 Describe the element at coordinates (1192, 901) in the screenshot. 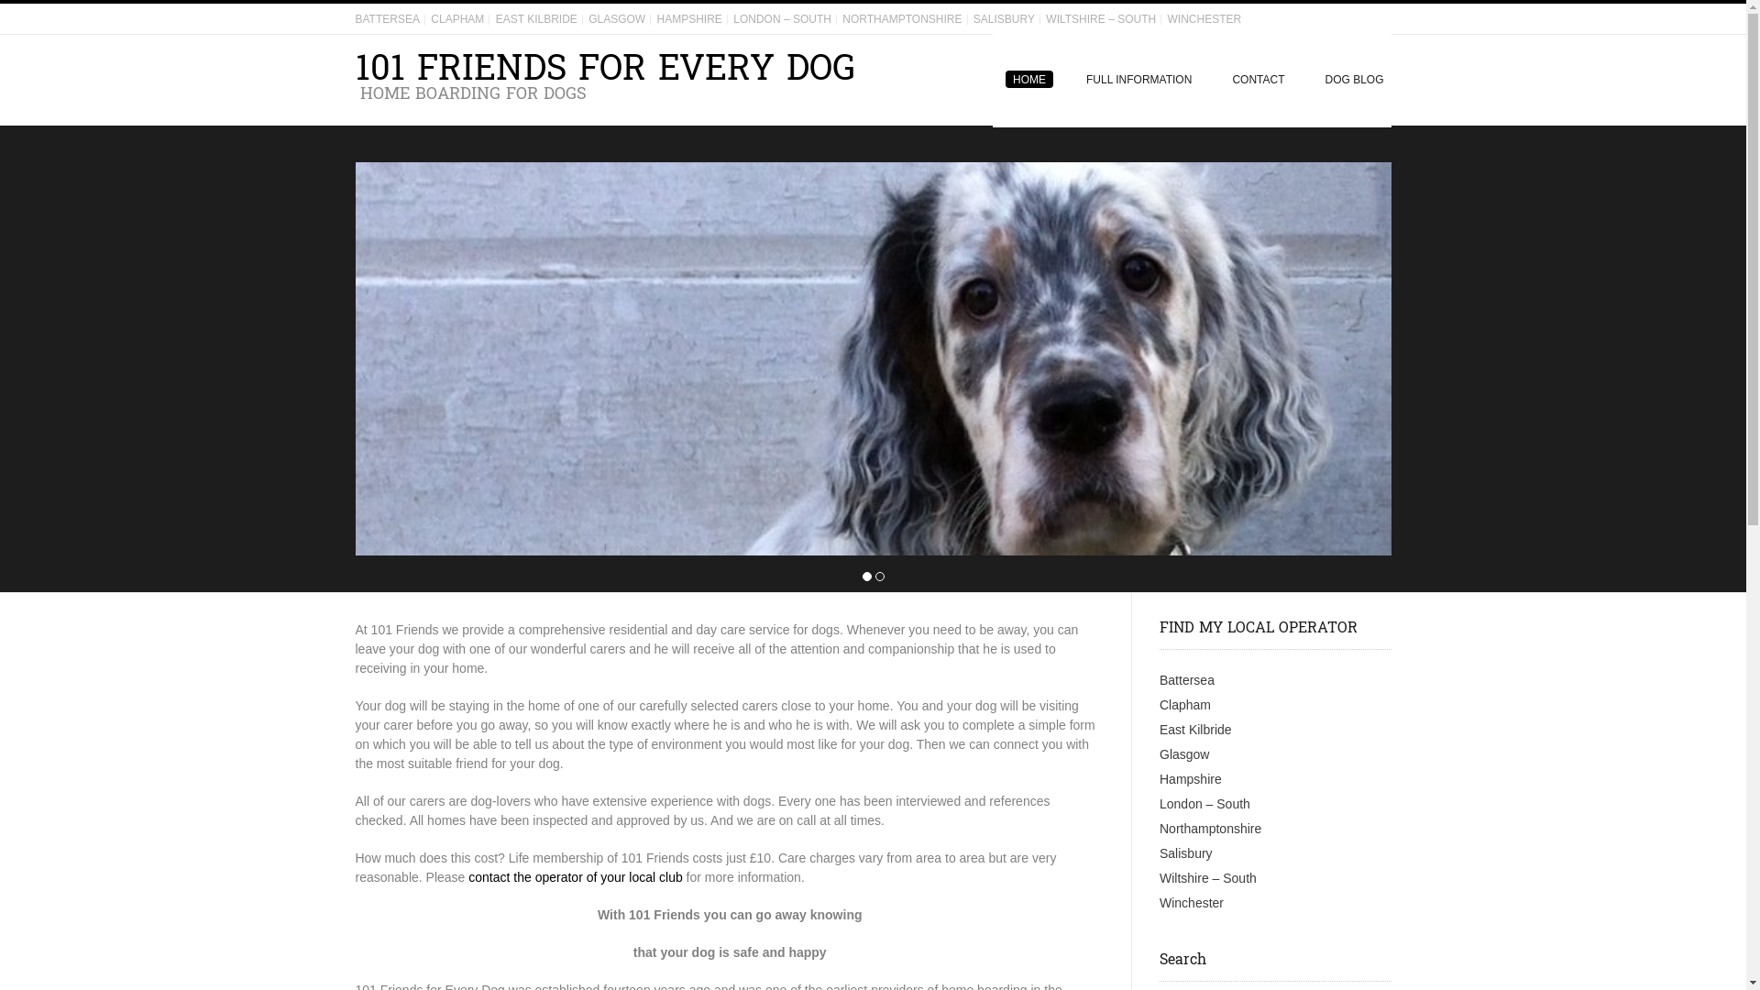

I see `'Winchester'` at that location.